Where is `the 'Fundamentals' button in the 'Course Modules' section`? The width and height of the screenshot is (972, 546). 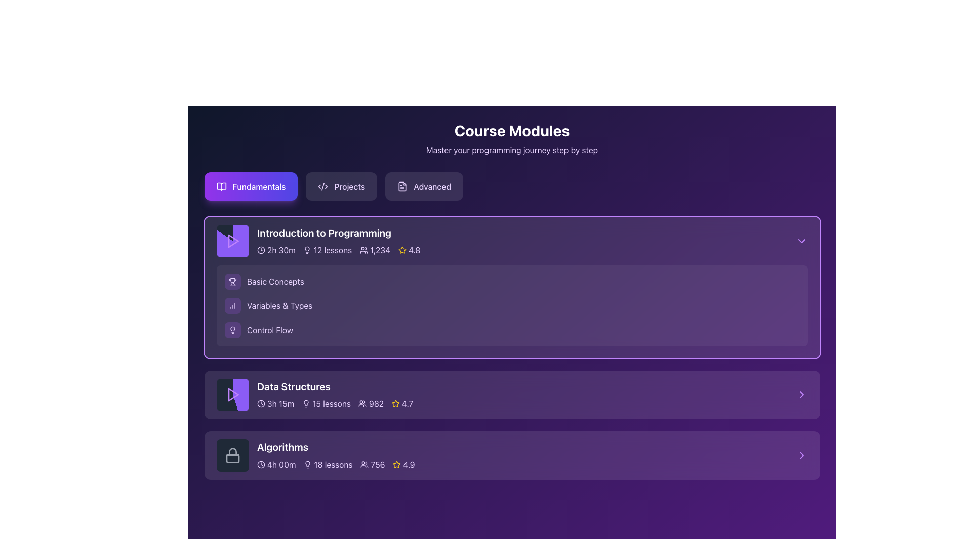
the 'Fundamentals' button in the 'Course Modules' section is located at coordinates (251, 187).